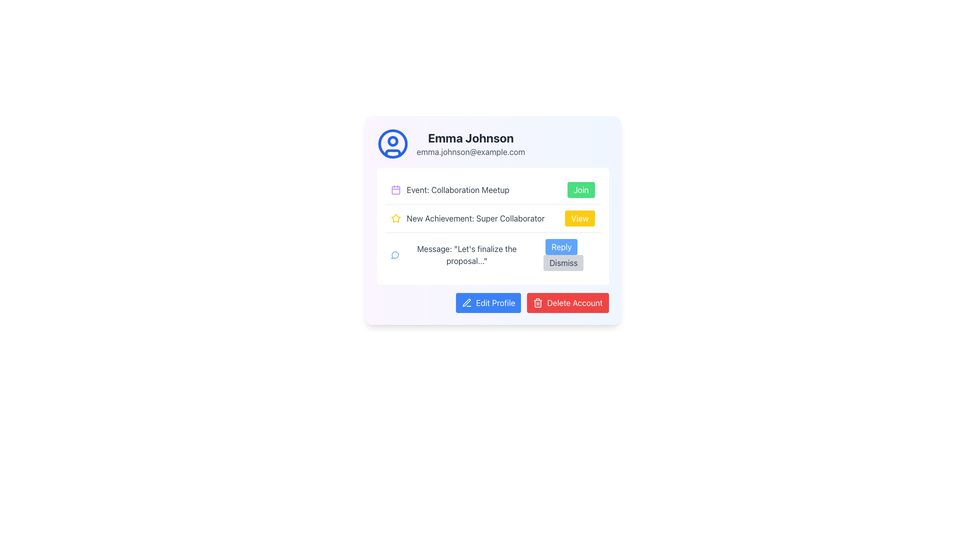 The width and height of the screenshot is (960, 540). I want to click on achievement message from the informational label titled 'Super Collaborator', located under the header 'Emma Johnson' in the middle panel of the UI card layout, so click(467, 217).